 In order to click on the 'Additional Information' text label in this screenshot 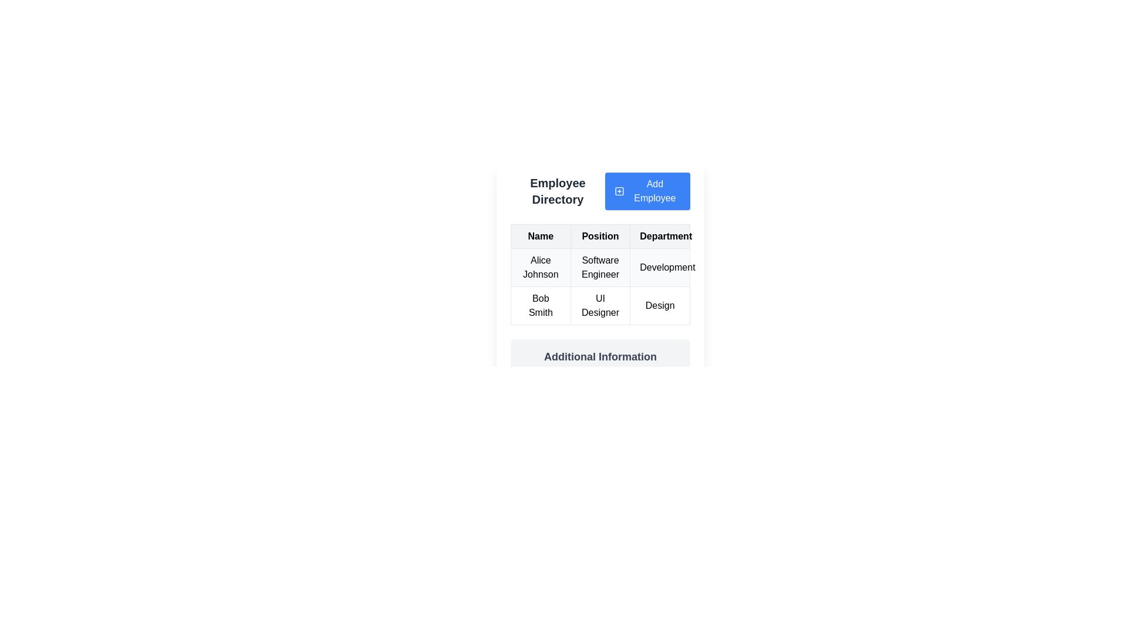, I will do `click(600, 356)`.